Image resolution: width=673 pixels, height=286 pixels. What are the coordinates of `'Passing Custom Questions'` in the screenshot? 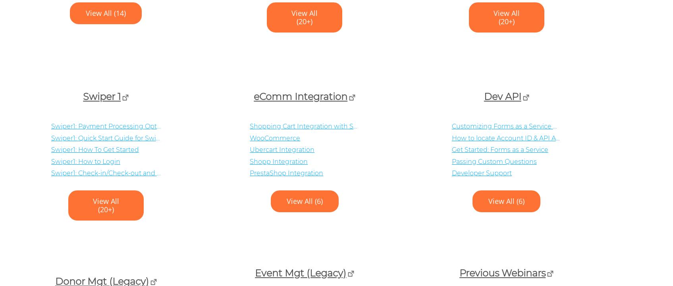 It's located at (493, 161).